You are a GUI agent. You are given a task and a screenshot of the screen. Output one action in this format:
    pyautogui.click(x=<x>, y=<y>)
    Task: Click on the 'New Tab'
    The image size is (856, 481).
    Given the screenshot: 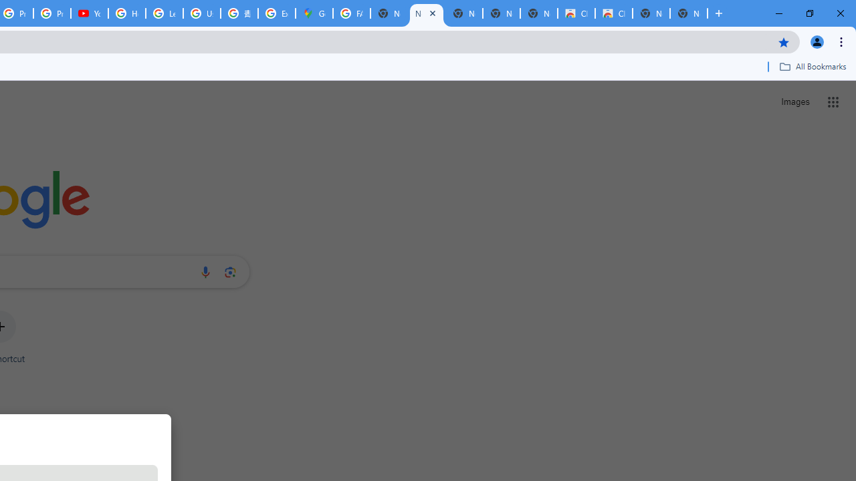 What is the action you would take?
    pyautogui.click(x=689, y=13)
    